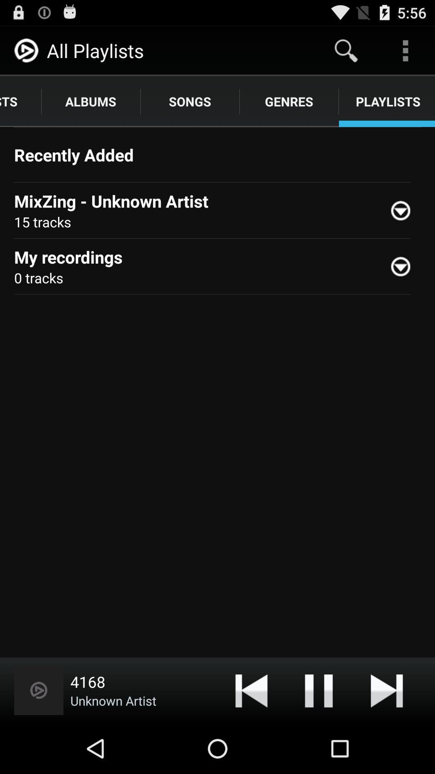 Image resolution: width=435 pixels, height=774 pixels. Describe the element at coordinates (251, 739) in the screenshot. I see `the skip_previous icon` at that location.